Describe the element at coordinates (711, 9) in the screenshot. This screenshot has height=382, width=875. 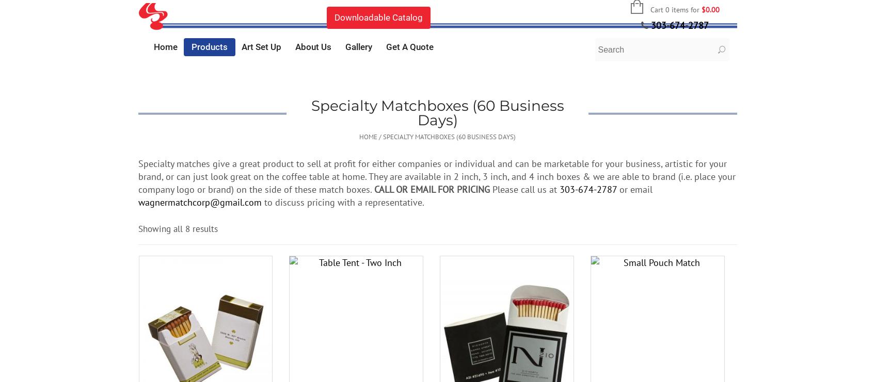
I see `'0.00'` at that location.